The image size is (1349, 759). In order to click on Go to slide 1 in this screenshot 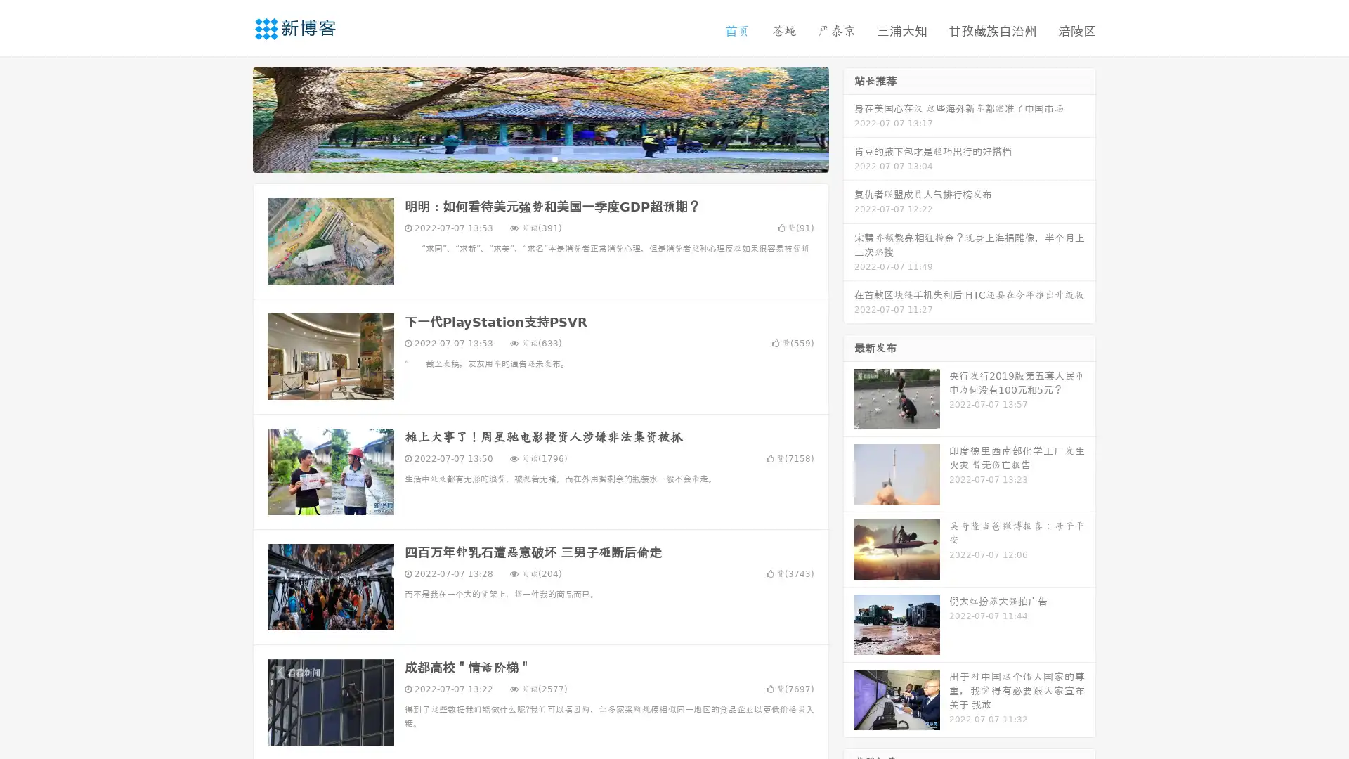, I will do `click(526, 158)`.